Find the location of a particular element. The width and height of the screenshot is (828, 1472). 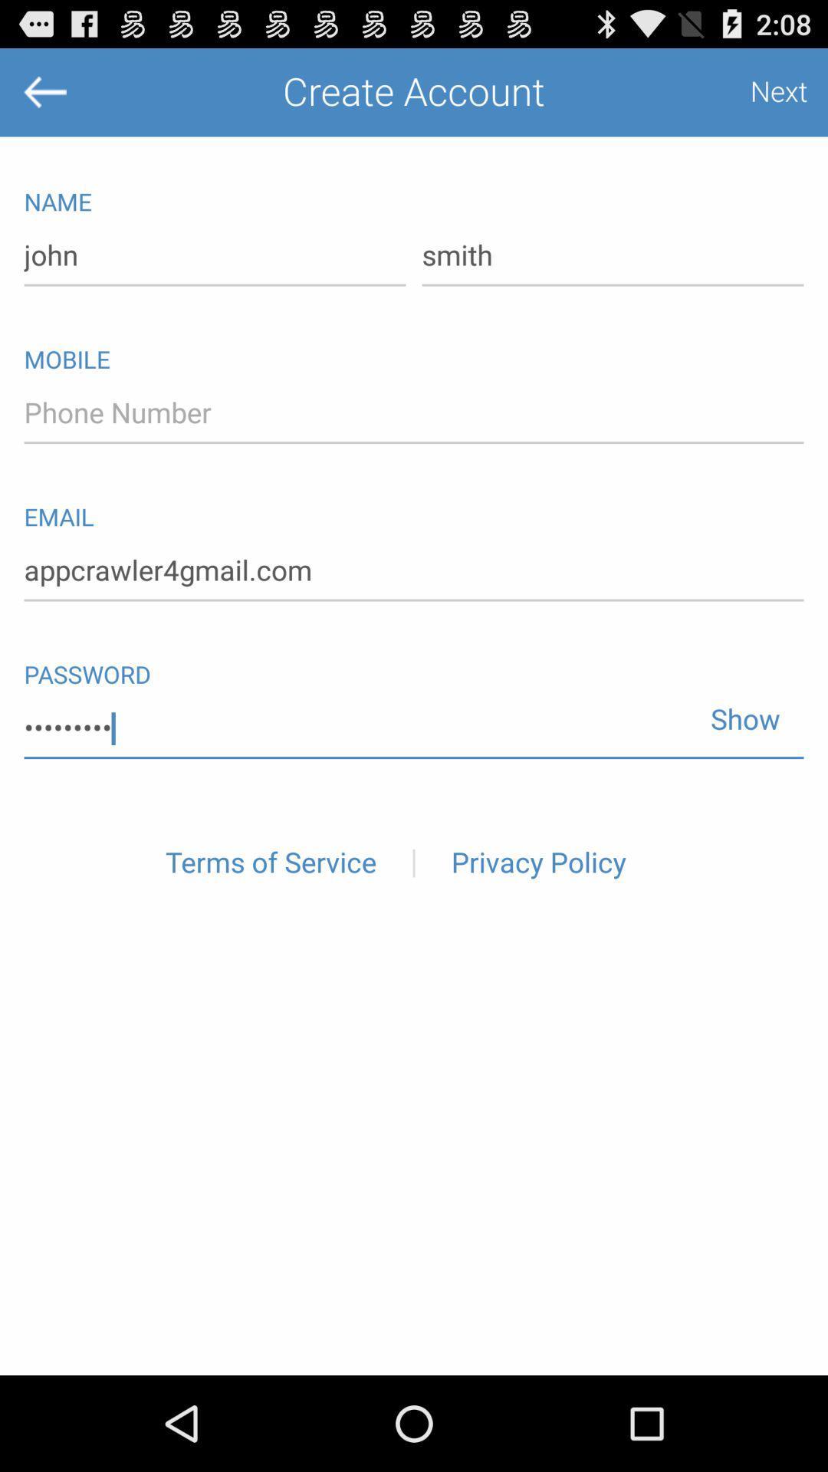

crowd3116 icon is located at coordinates (414, 728).